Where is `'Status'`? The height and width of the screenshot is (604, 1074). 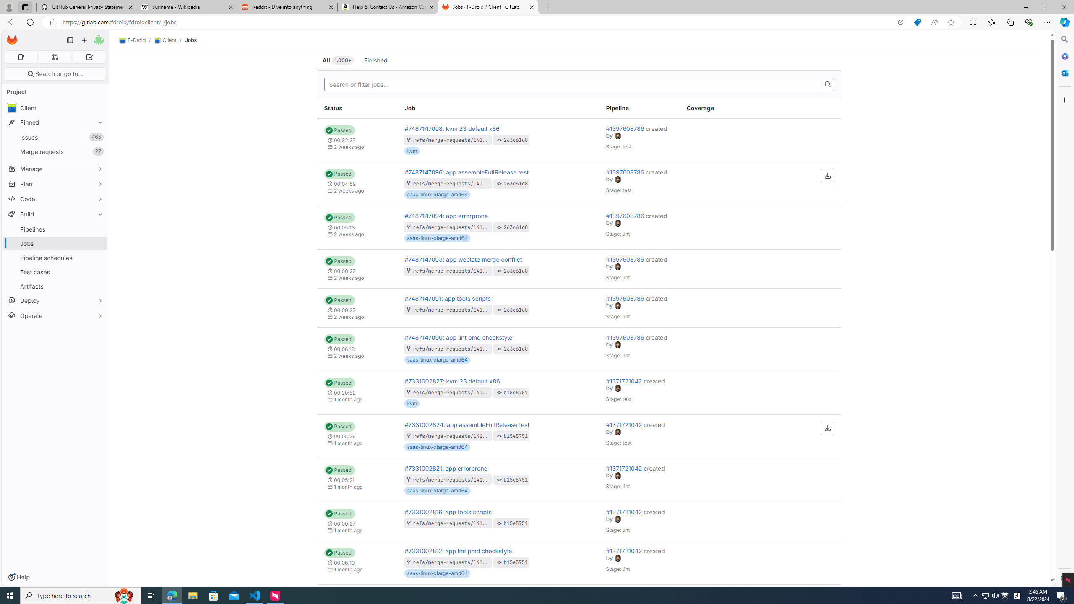 'Status' is located at coordinates (357, 108).